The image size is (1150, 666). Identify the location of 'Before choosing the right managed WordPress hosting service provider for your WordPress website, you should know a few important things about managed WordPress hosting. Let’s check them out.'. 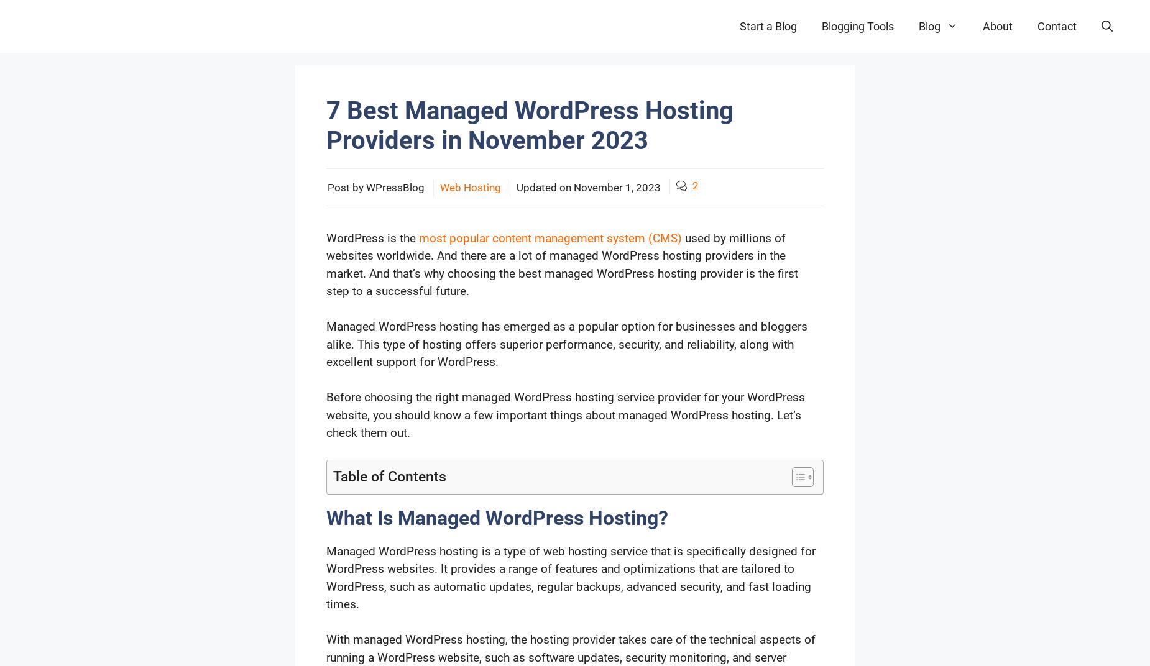
(566, 414).